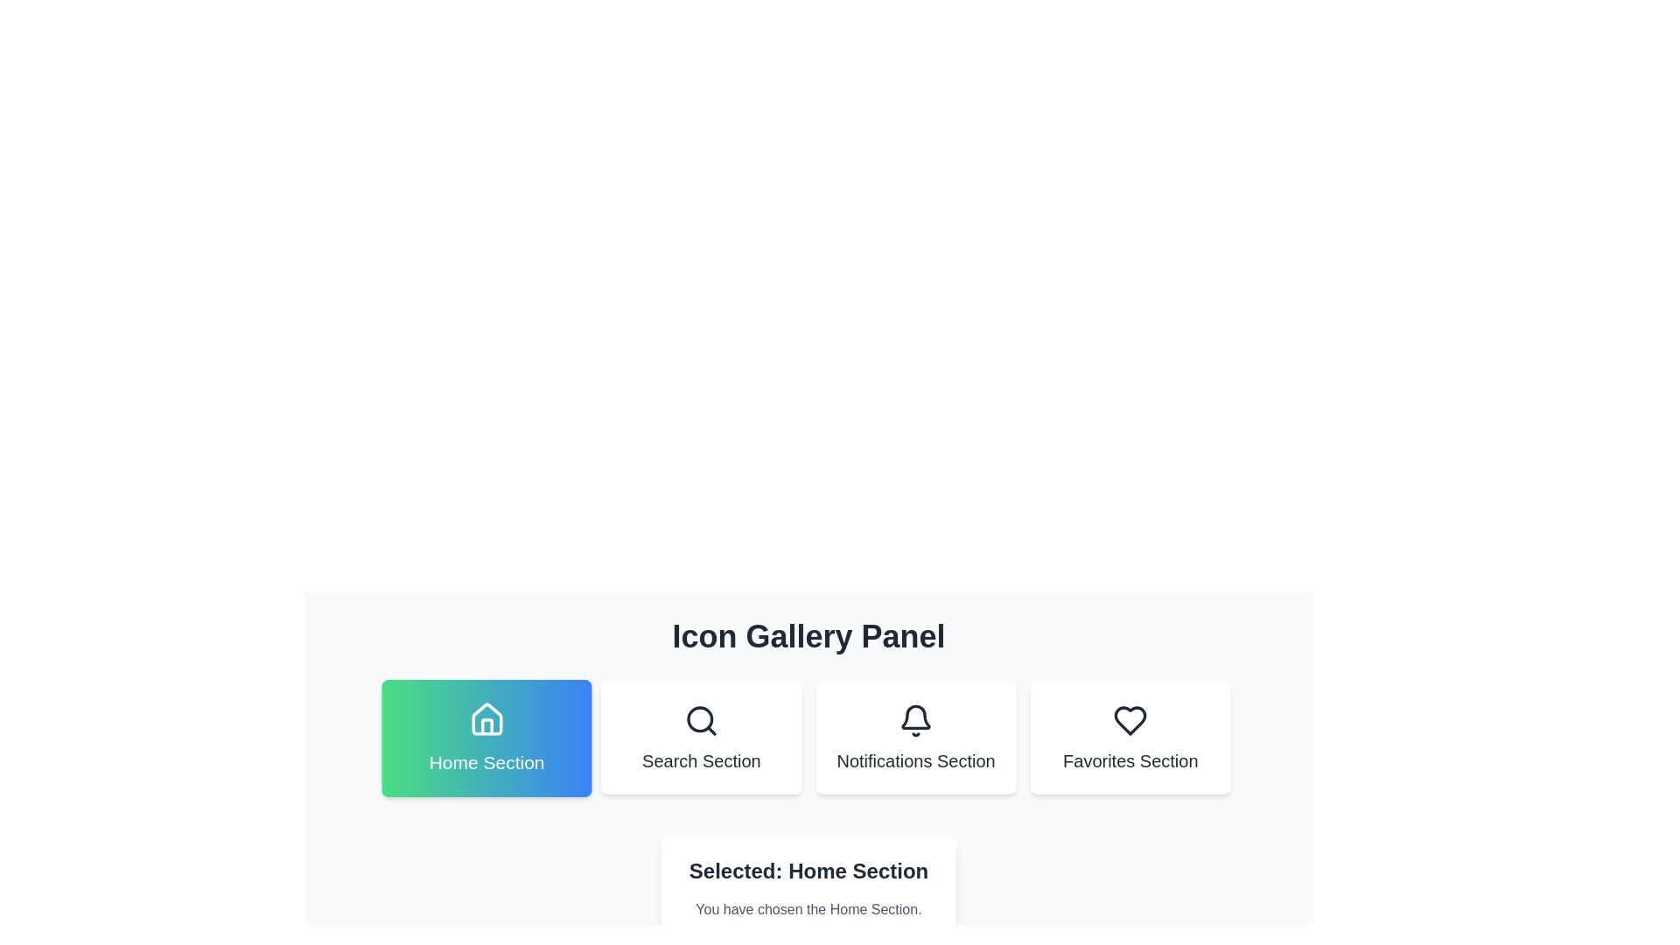 This screenshot has height=945, width=1680. I want to click on the Notifications Section card, which is a white rectangular card with a bell icon and the text 'Notifications Section' below it, positioned between 'Search Section' and 'Favorites Section' in a horizontal grid layout, so click(915, 738).